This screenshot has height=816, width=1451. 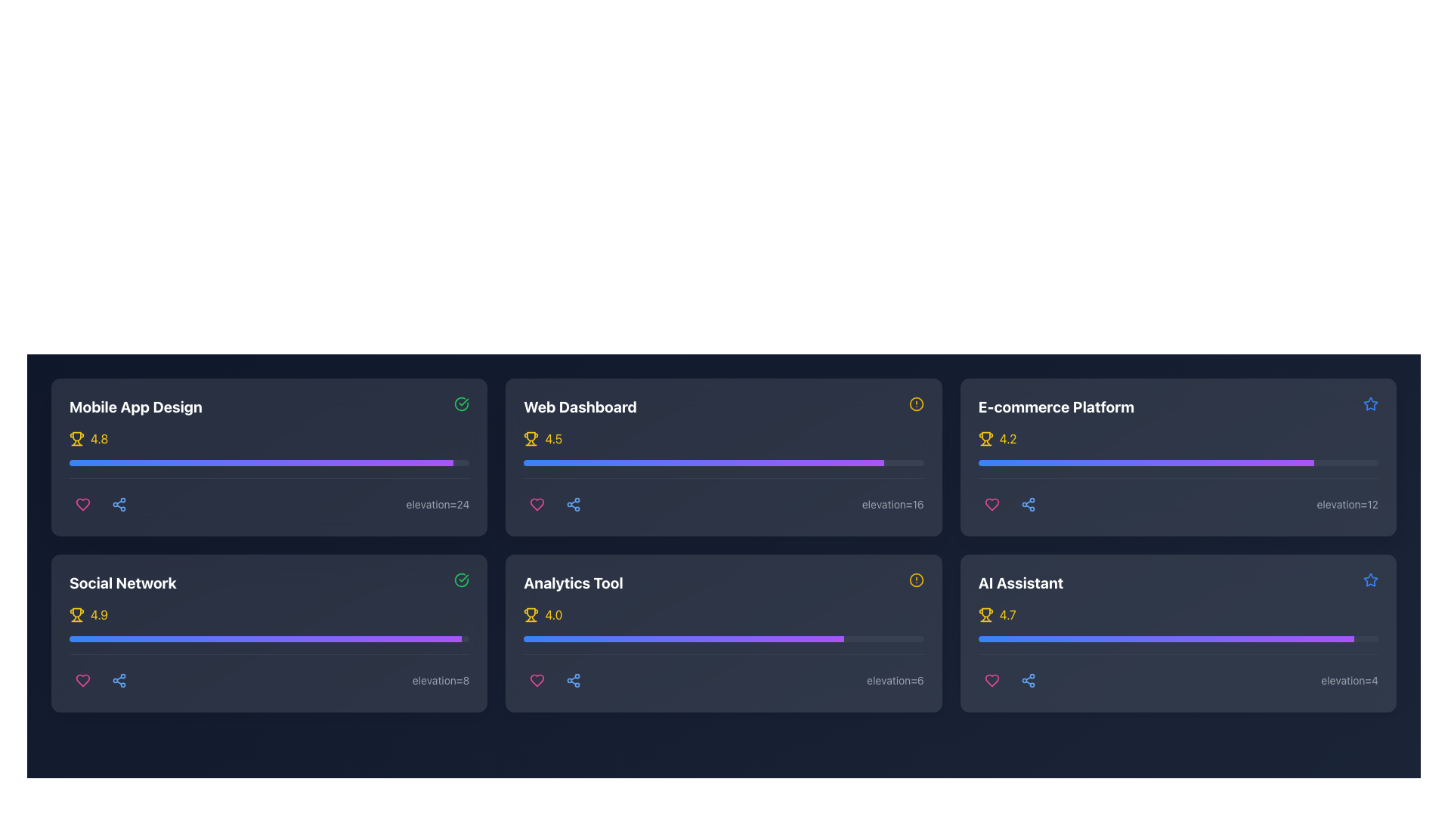 What do you see at coordinates (1136, 462) in the screenshot?
I see `the progress bar value` at bounding box center [1136, 462].